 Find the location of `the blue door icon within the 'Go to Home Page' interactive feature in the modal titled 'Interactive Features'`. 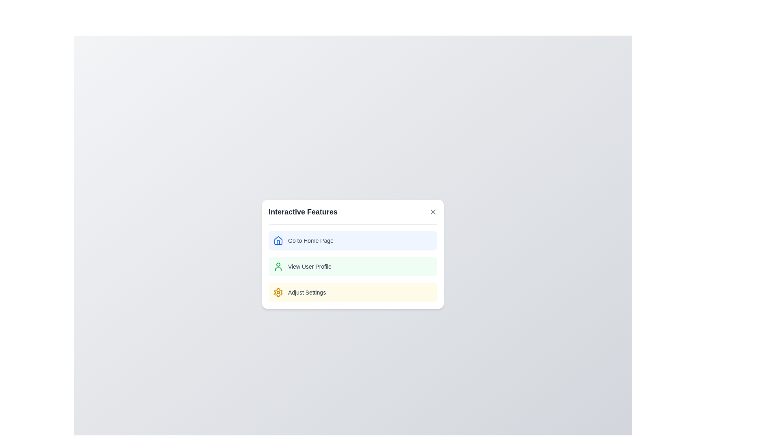

the blue door icon within the 'Go to Home Page' interactive feature in the modal titled 'Interactive Features' is located at coordinates (278, 242).